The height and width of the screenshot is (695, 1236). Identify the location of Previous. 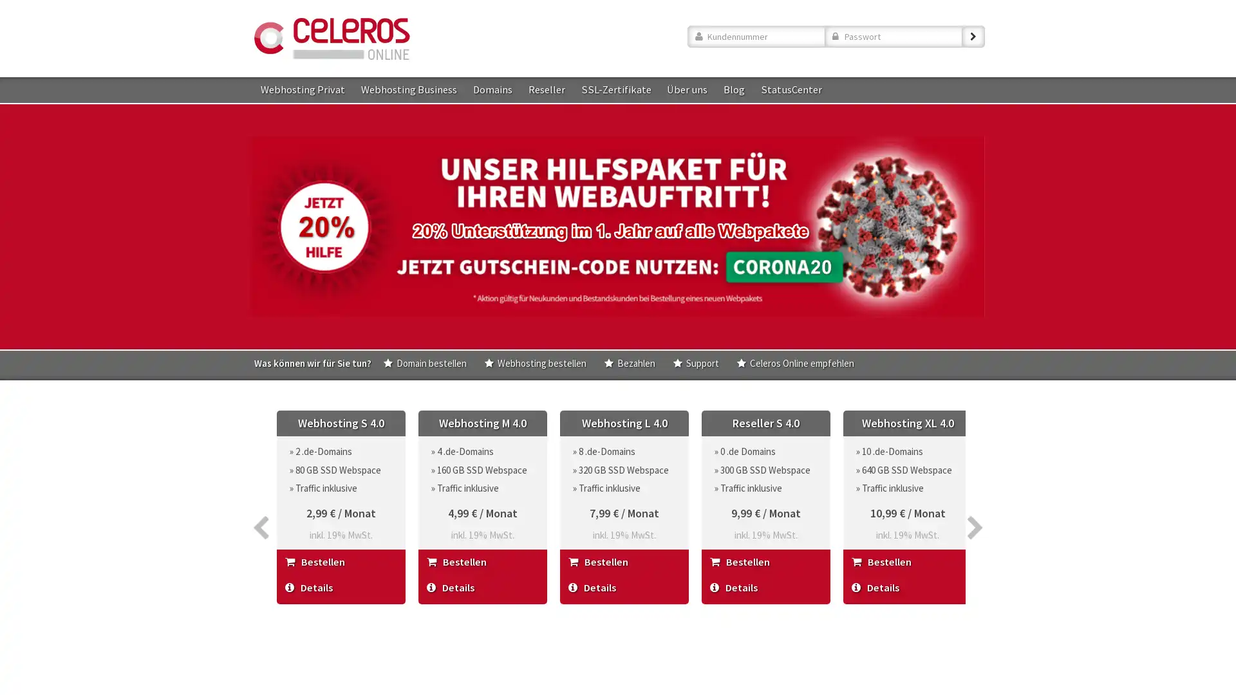
(259, 493).